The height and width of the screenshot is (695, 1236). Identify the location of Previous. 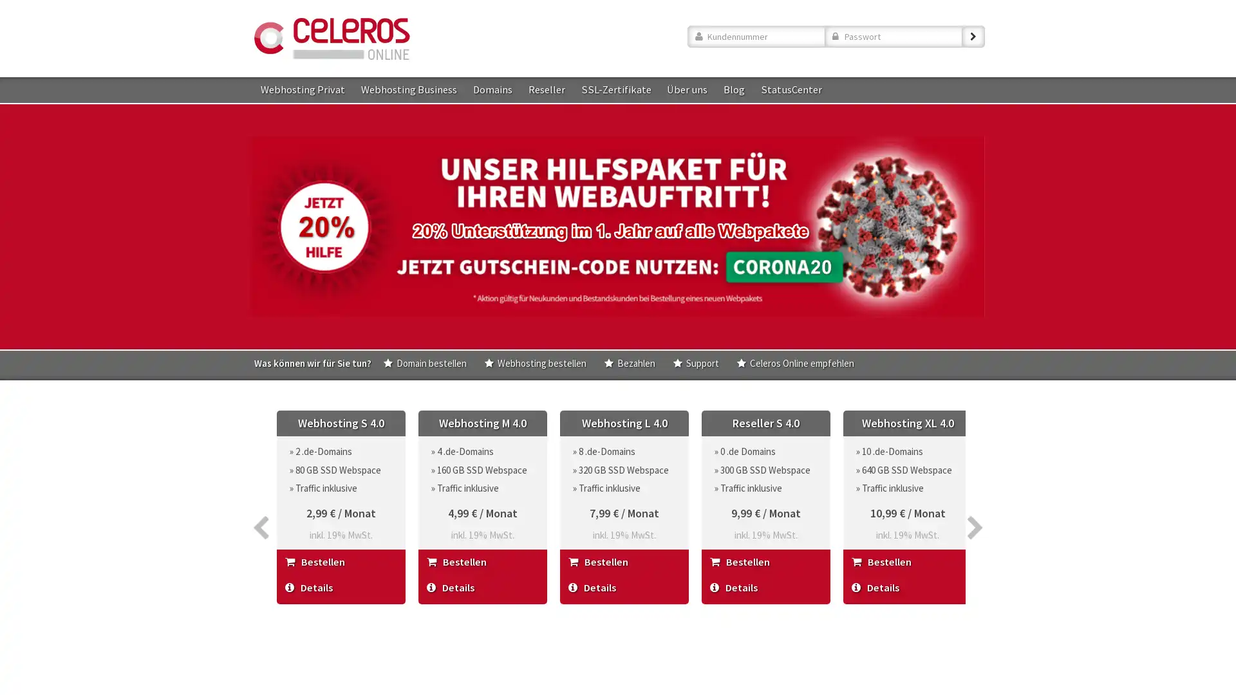
(259, 493).